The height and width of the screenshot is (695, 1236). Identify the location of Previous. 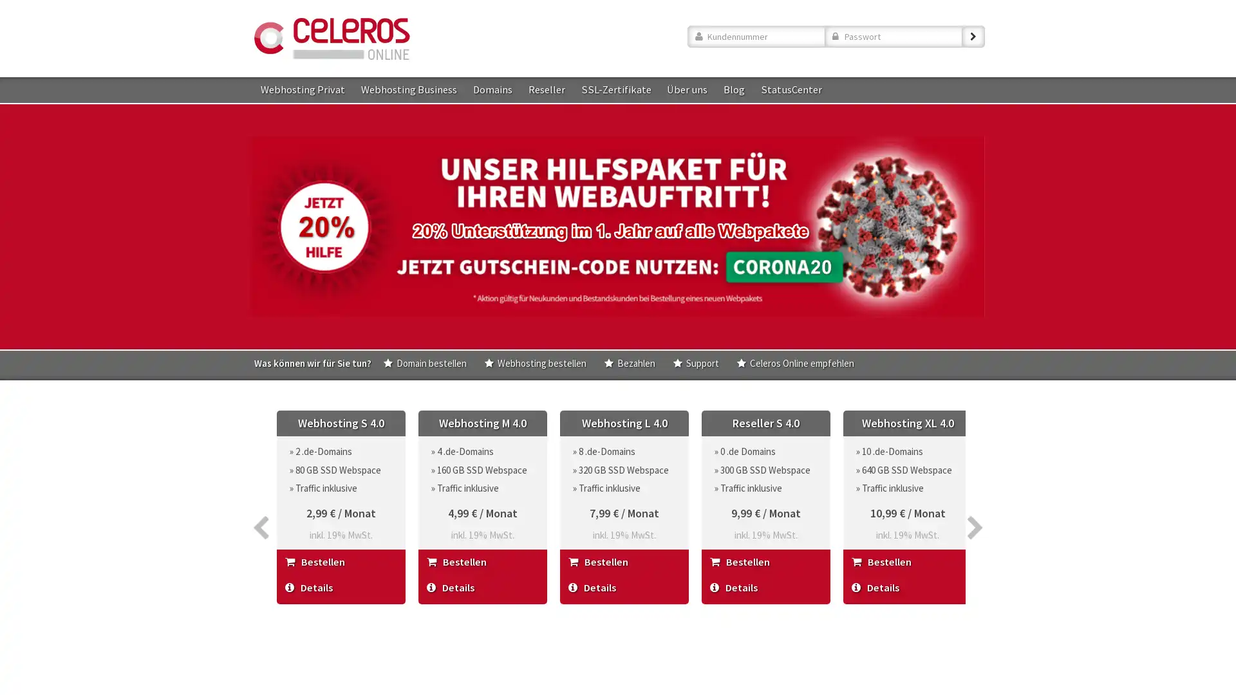
(259, 493).